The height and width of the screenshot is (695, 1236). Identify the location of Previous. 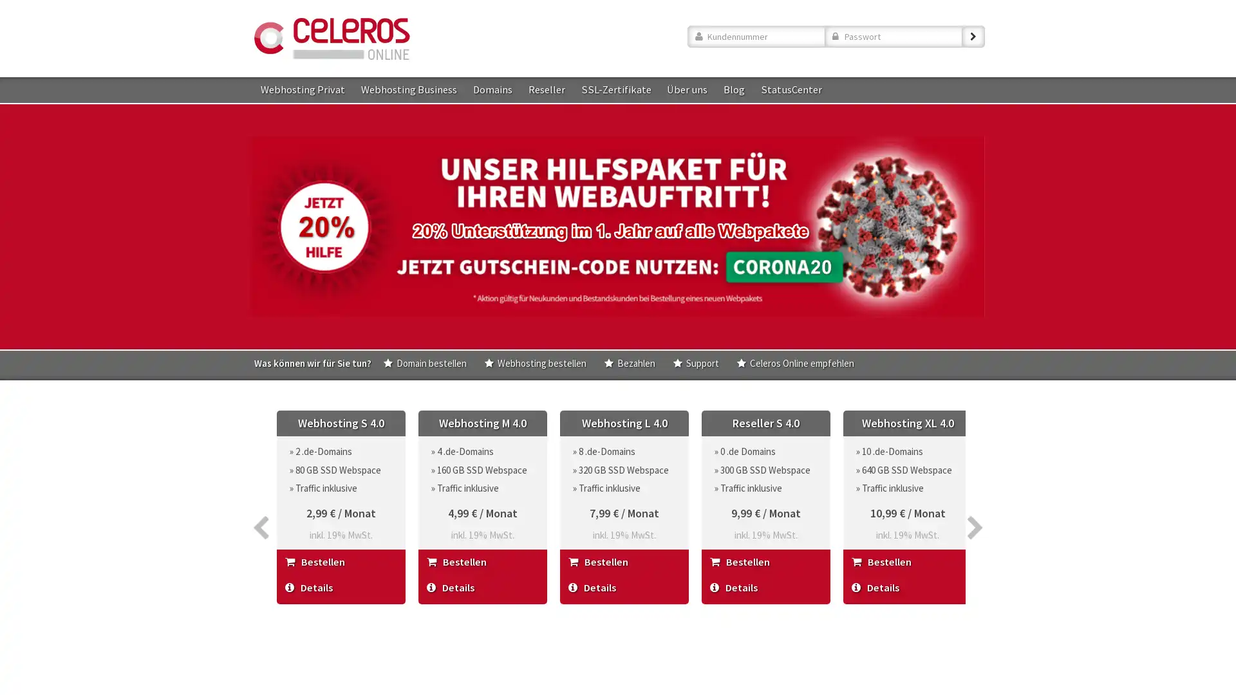
(259, 493).